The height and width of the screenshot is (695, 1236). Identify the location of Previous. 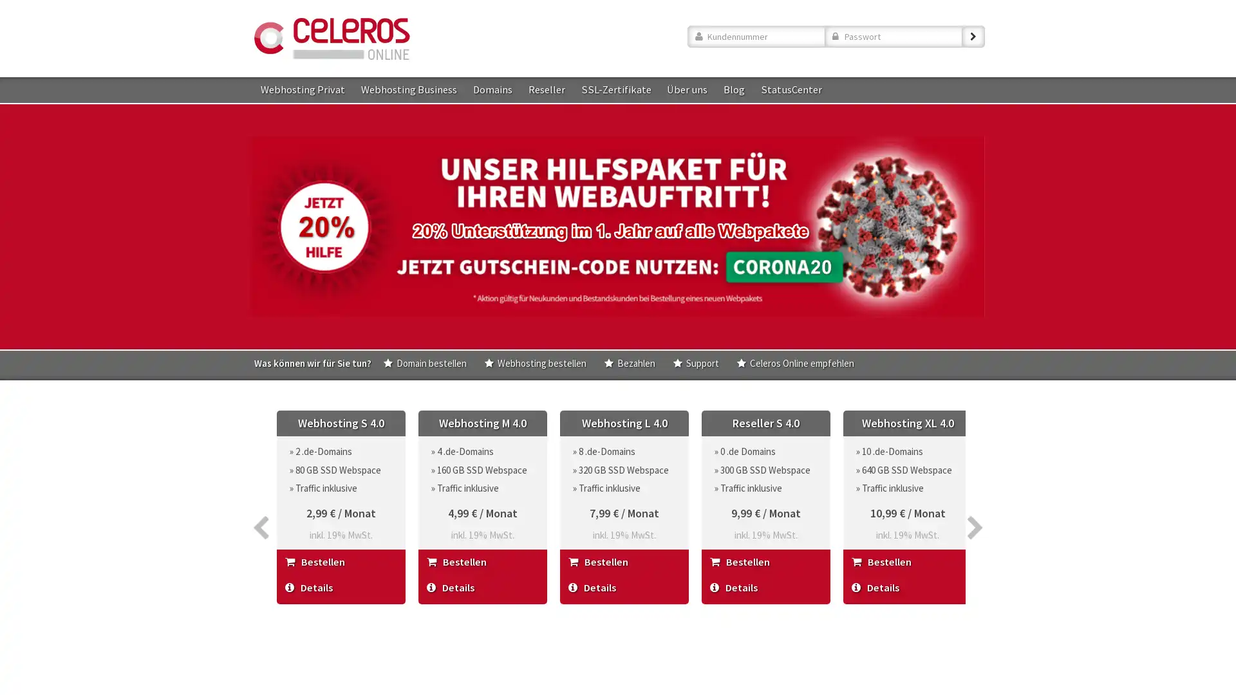
(259, 493).